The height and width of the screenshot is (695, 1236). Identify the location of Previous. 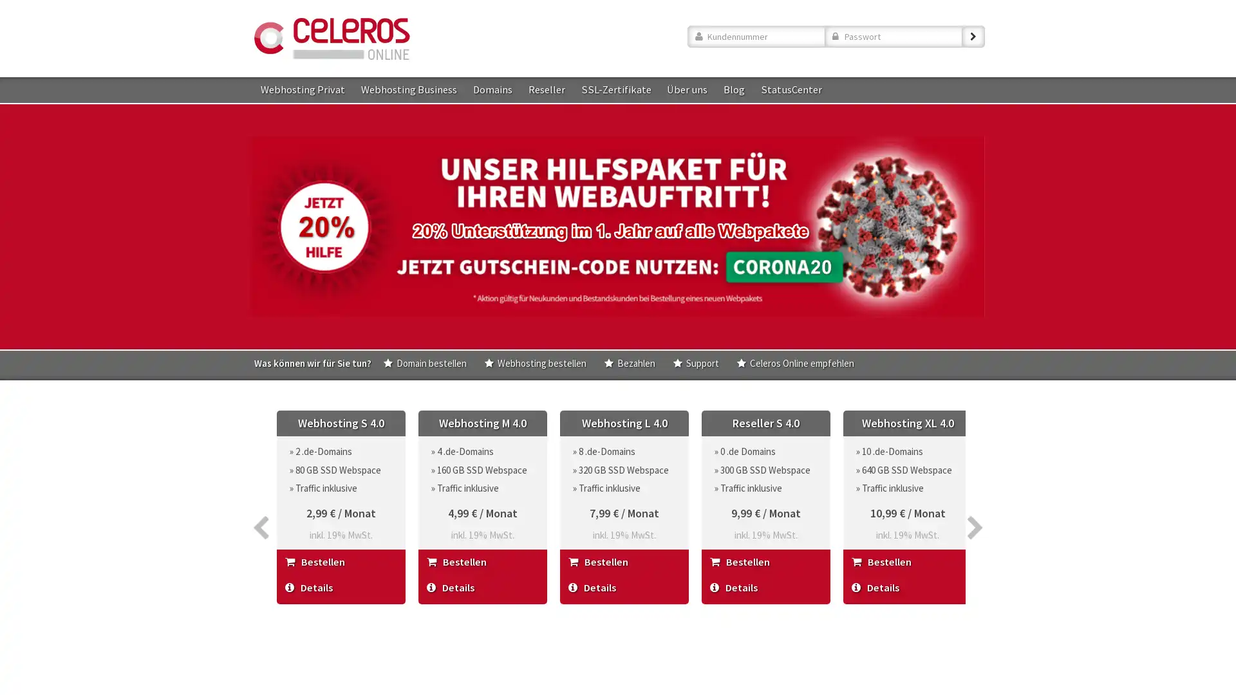
(259, 493).